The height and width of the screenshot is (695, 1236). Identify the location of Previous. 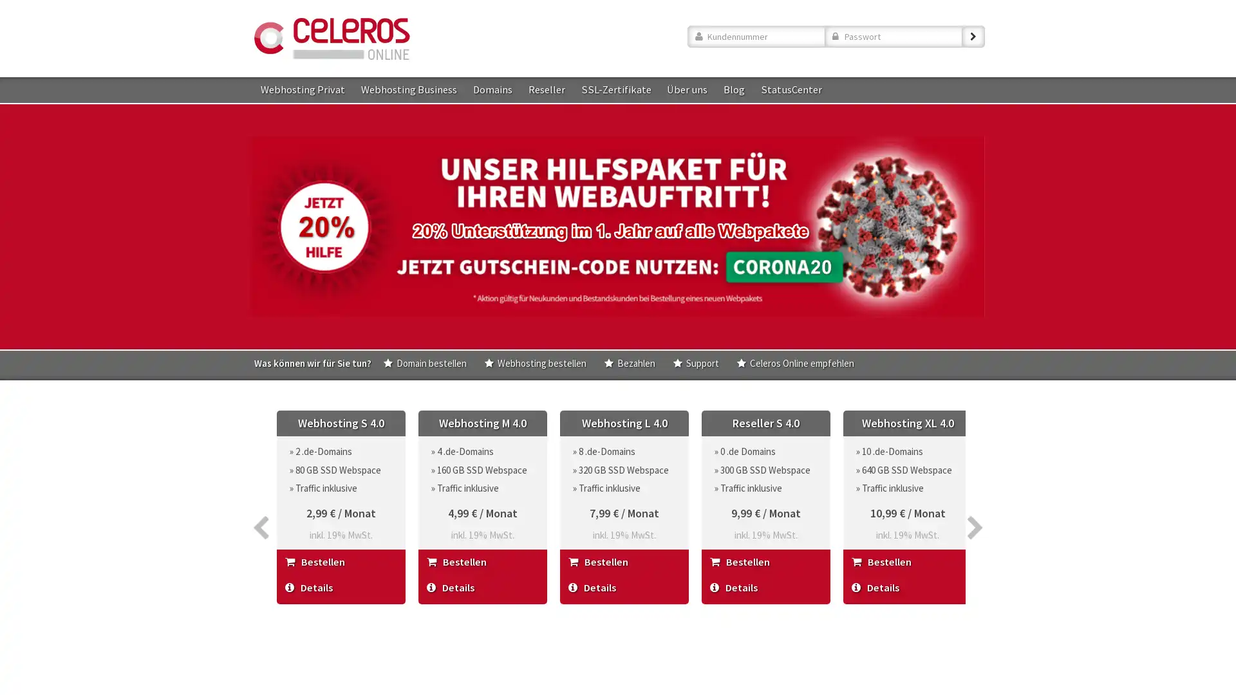
(259, 493).